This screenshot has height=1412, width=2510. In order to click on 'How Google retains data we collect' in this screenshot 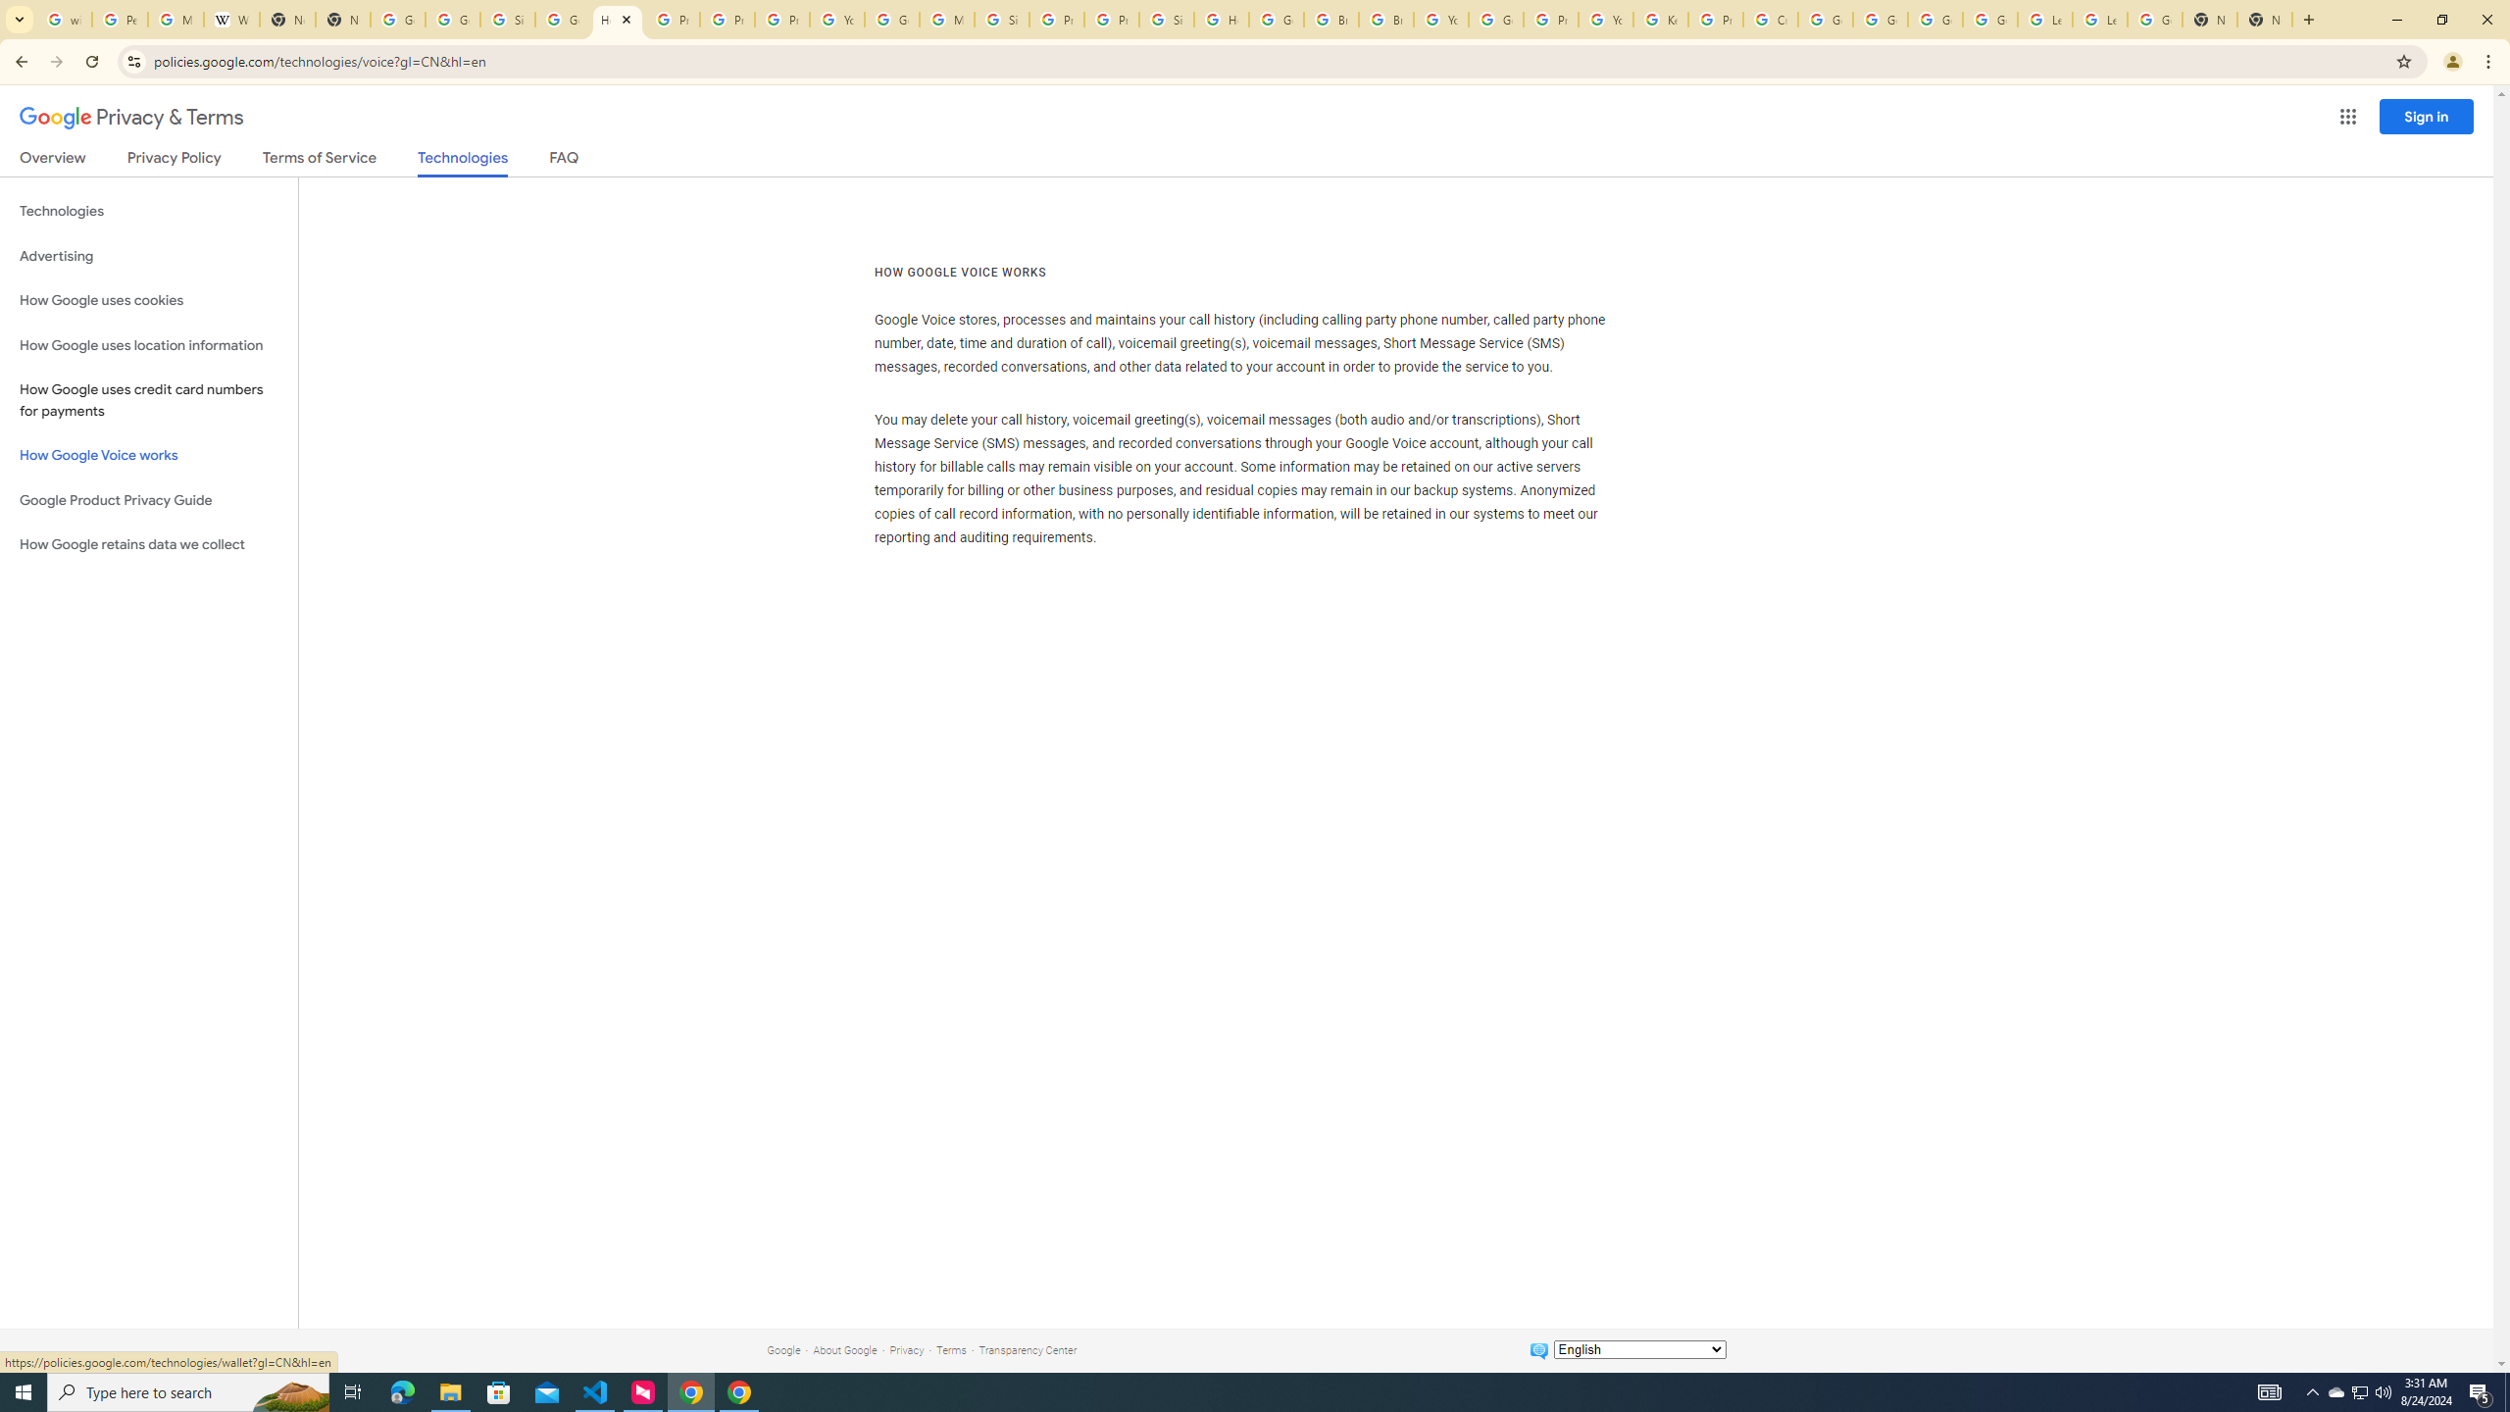, I will do `click(148, 544)`.